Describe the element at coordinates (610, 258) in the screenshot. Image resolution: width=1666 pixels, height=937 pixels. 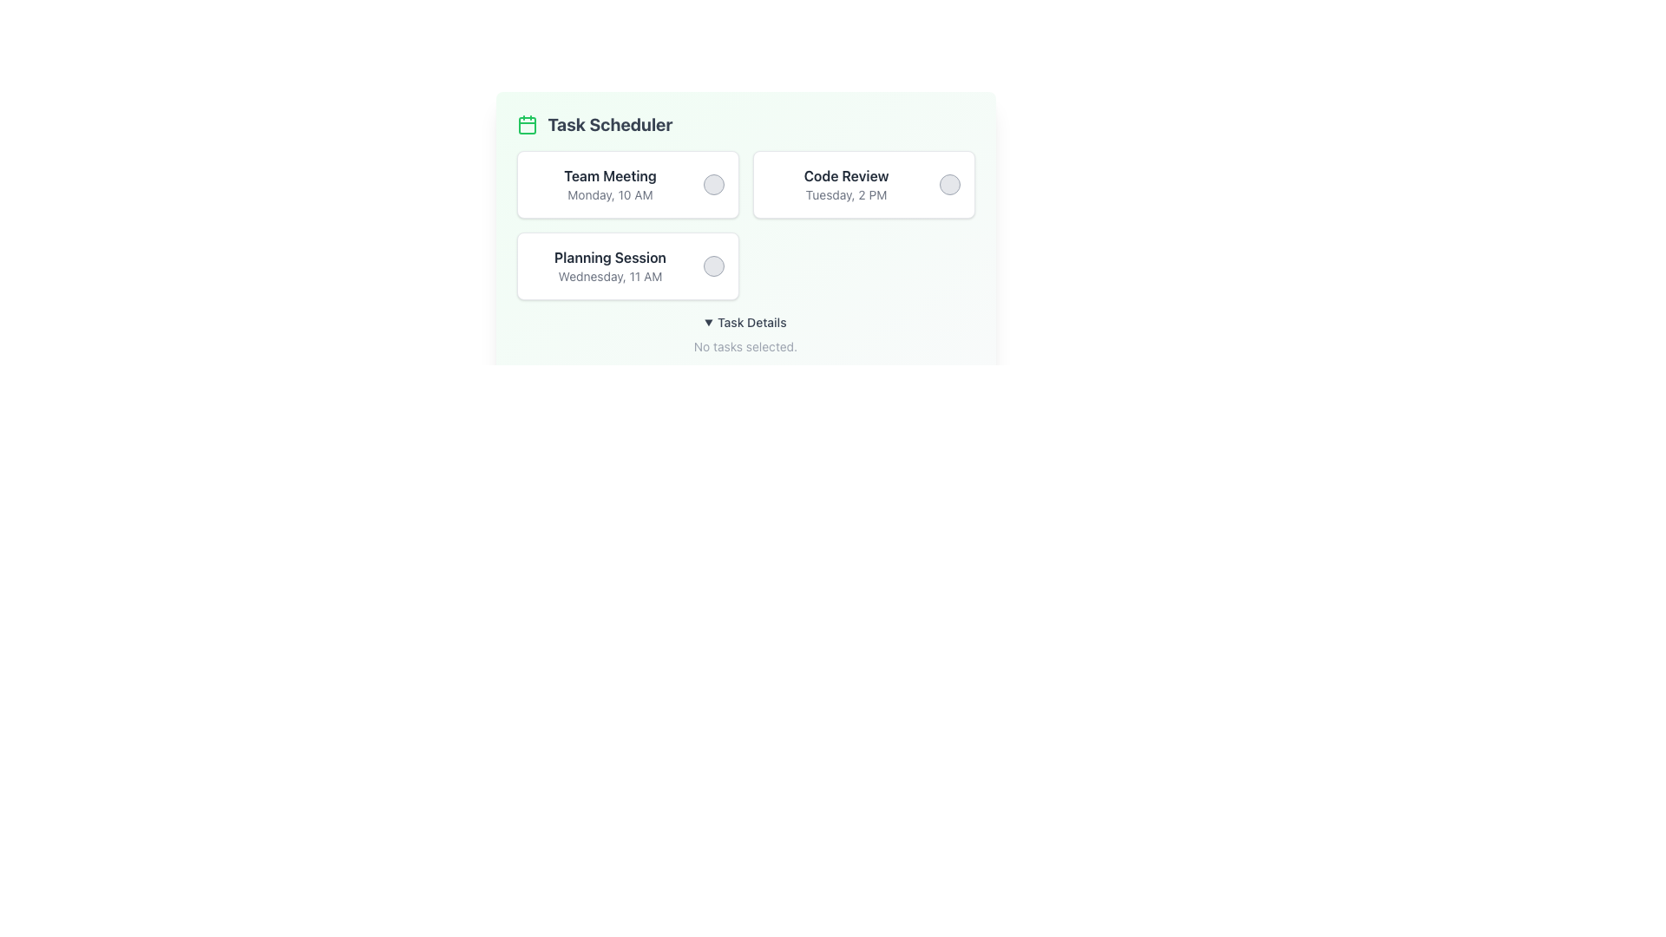
I see `the title label of a task item in the 'Planning Session' card located in the Task Scheduler section, which is centered above the secondary text 'Wednesday, 11 AM'` at that location.